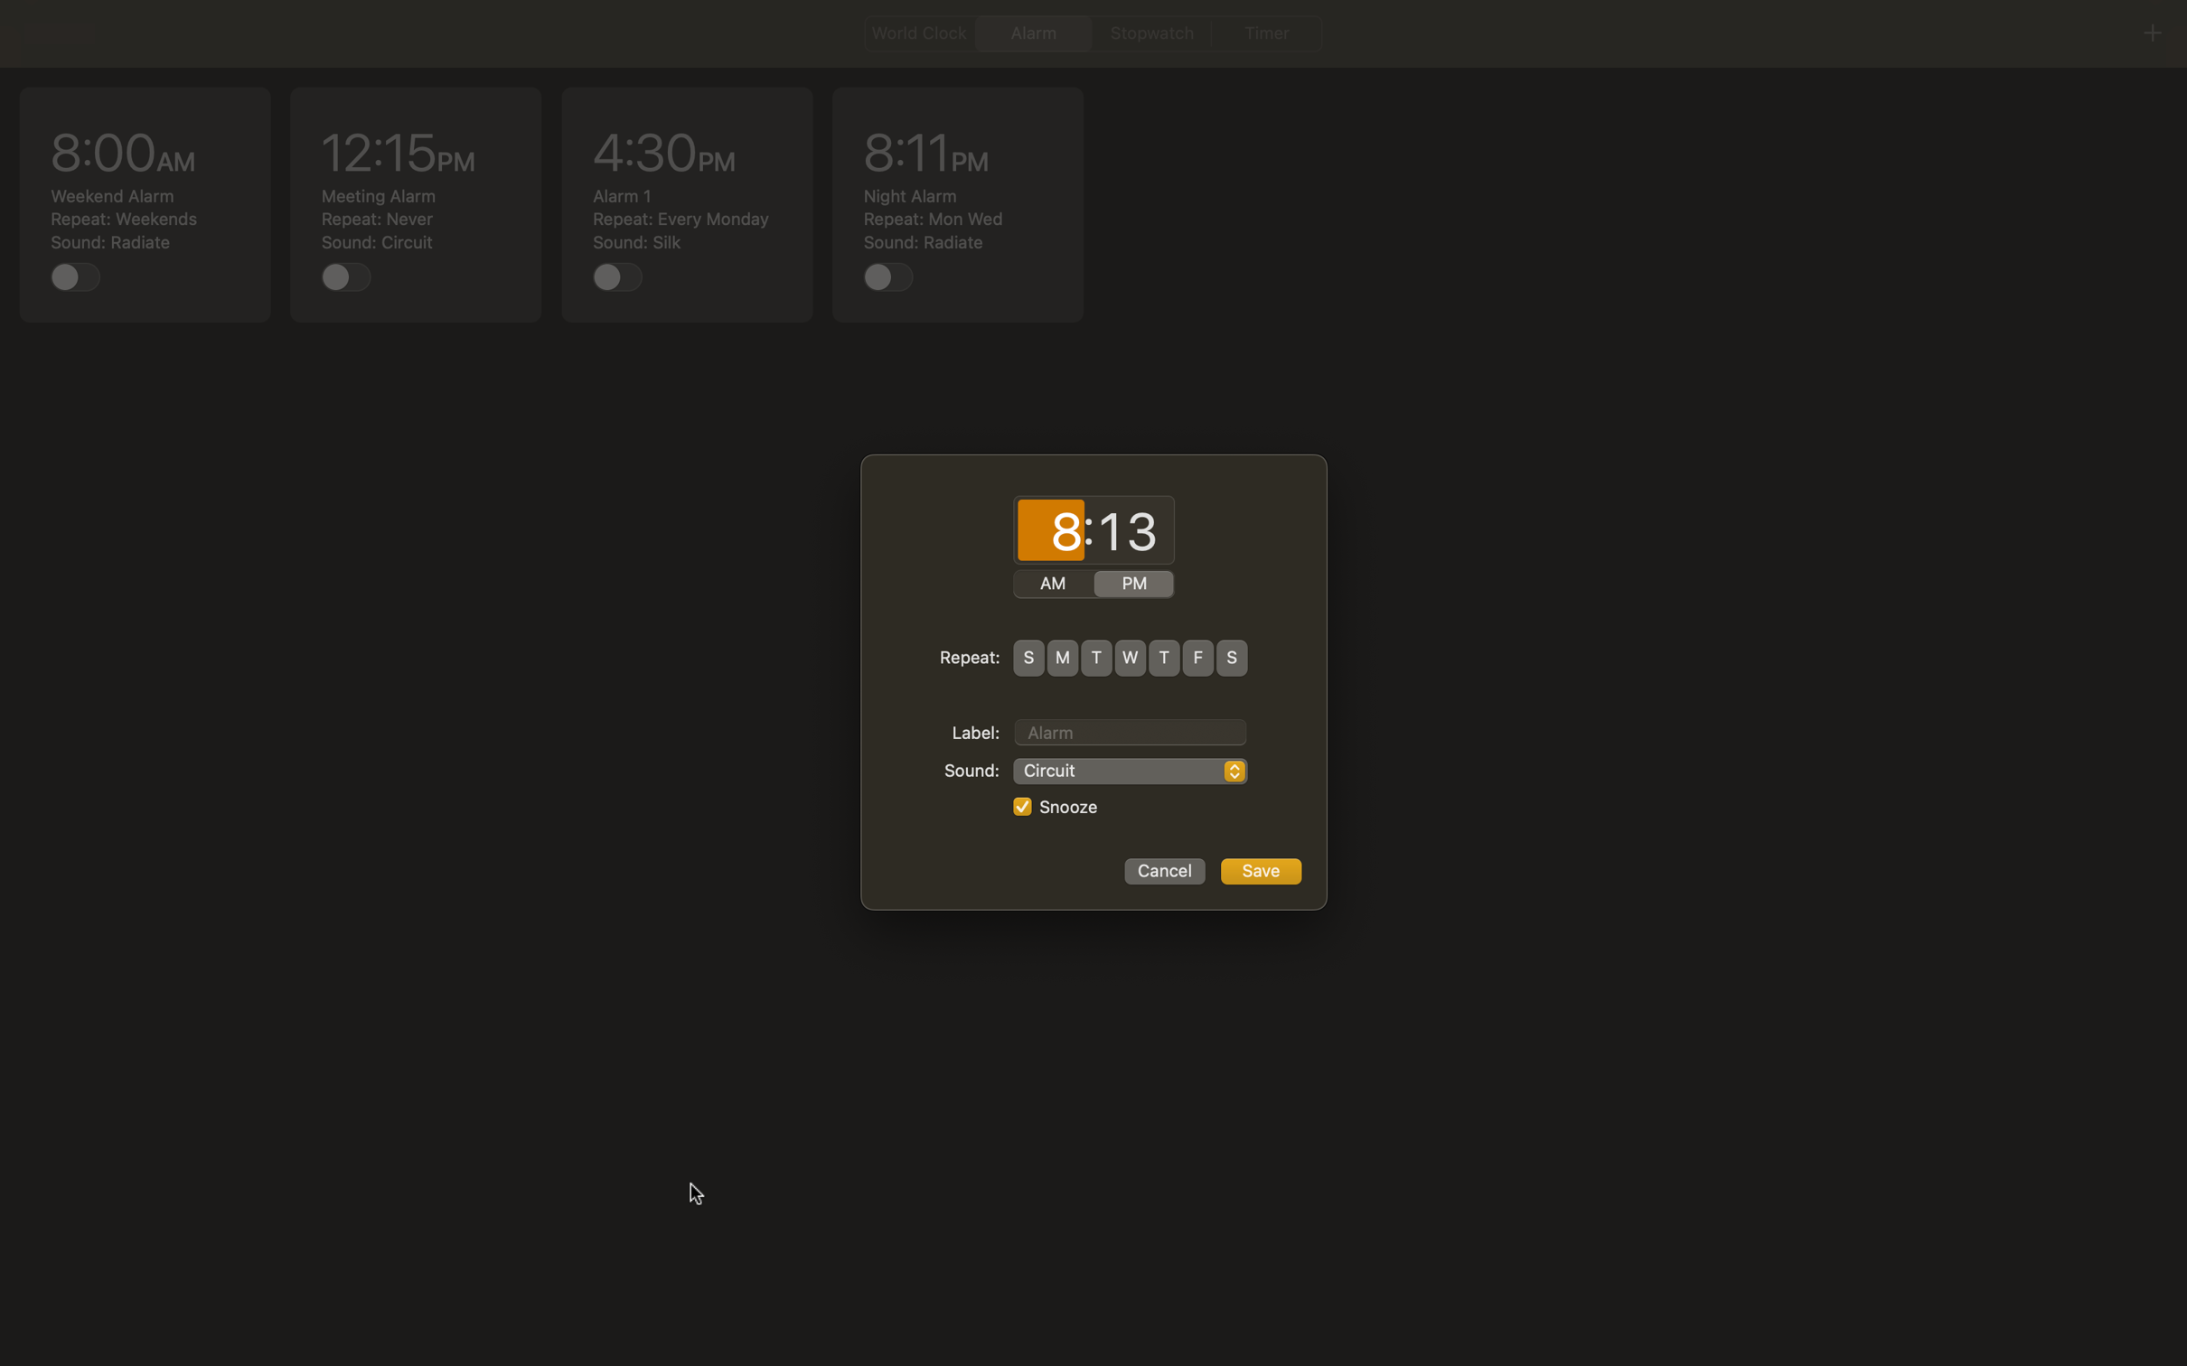 This screenshot has width=2187, height=1366. What do you see at coordinates (1130, 771) in the screenshot?
I see `sound as "Nature Sounds` at bounding box center [1130, 771].